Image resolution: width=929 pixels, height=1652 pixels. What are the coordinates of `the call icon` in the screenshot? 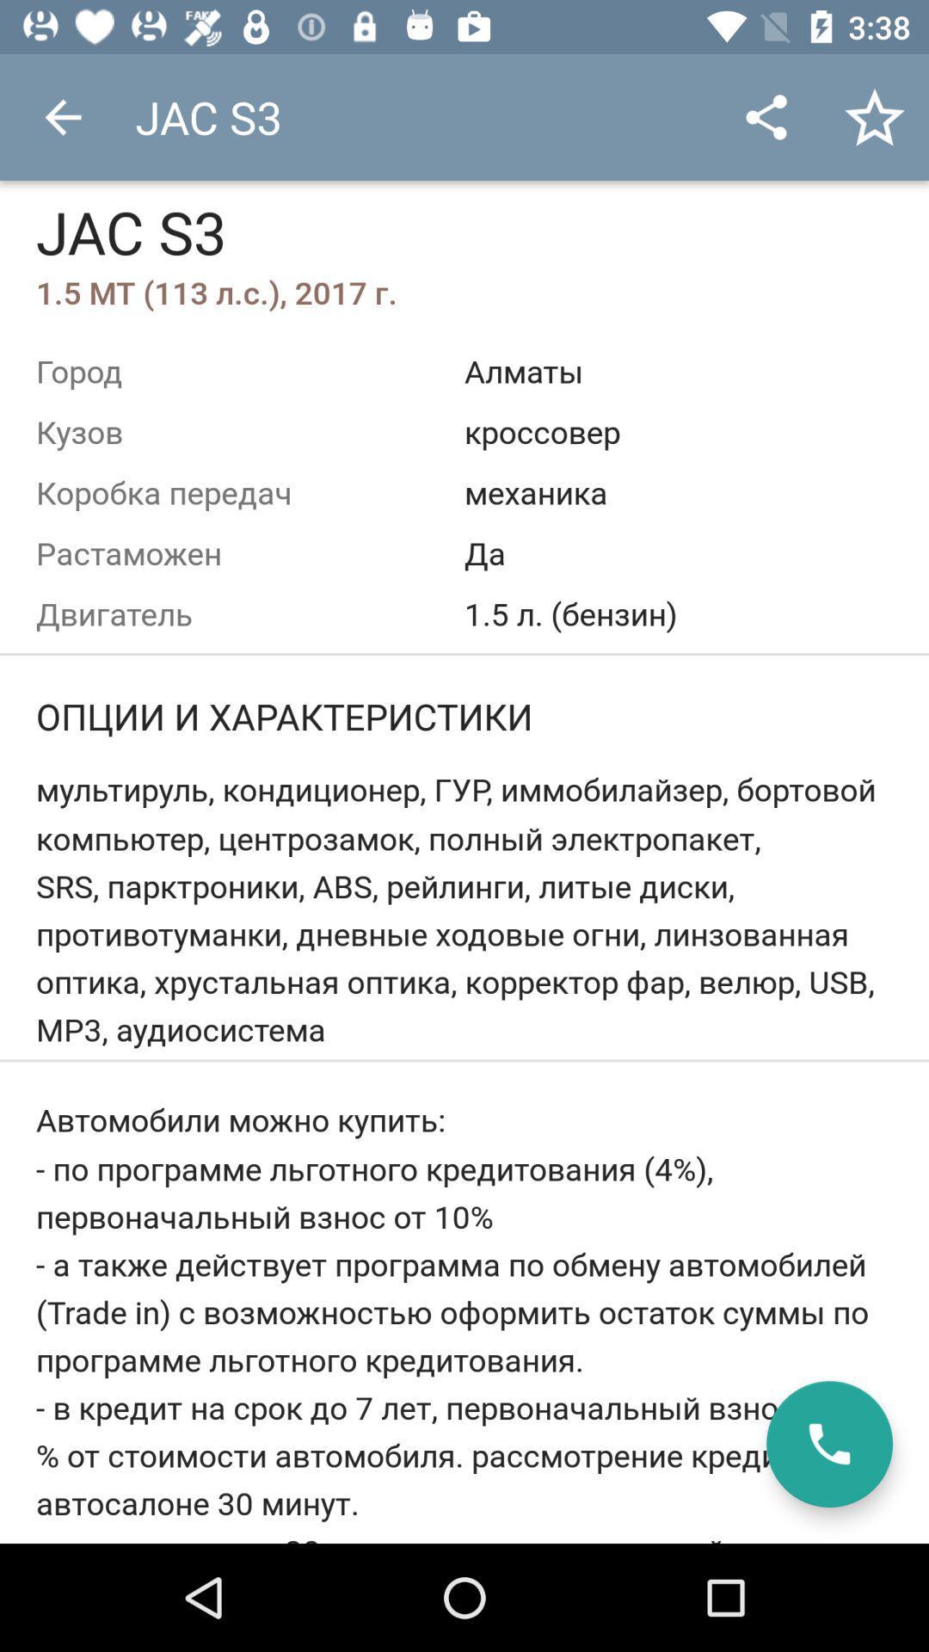 It's located at (828, 1444).